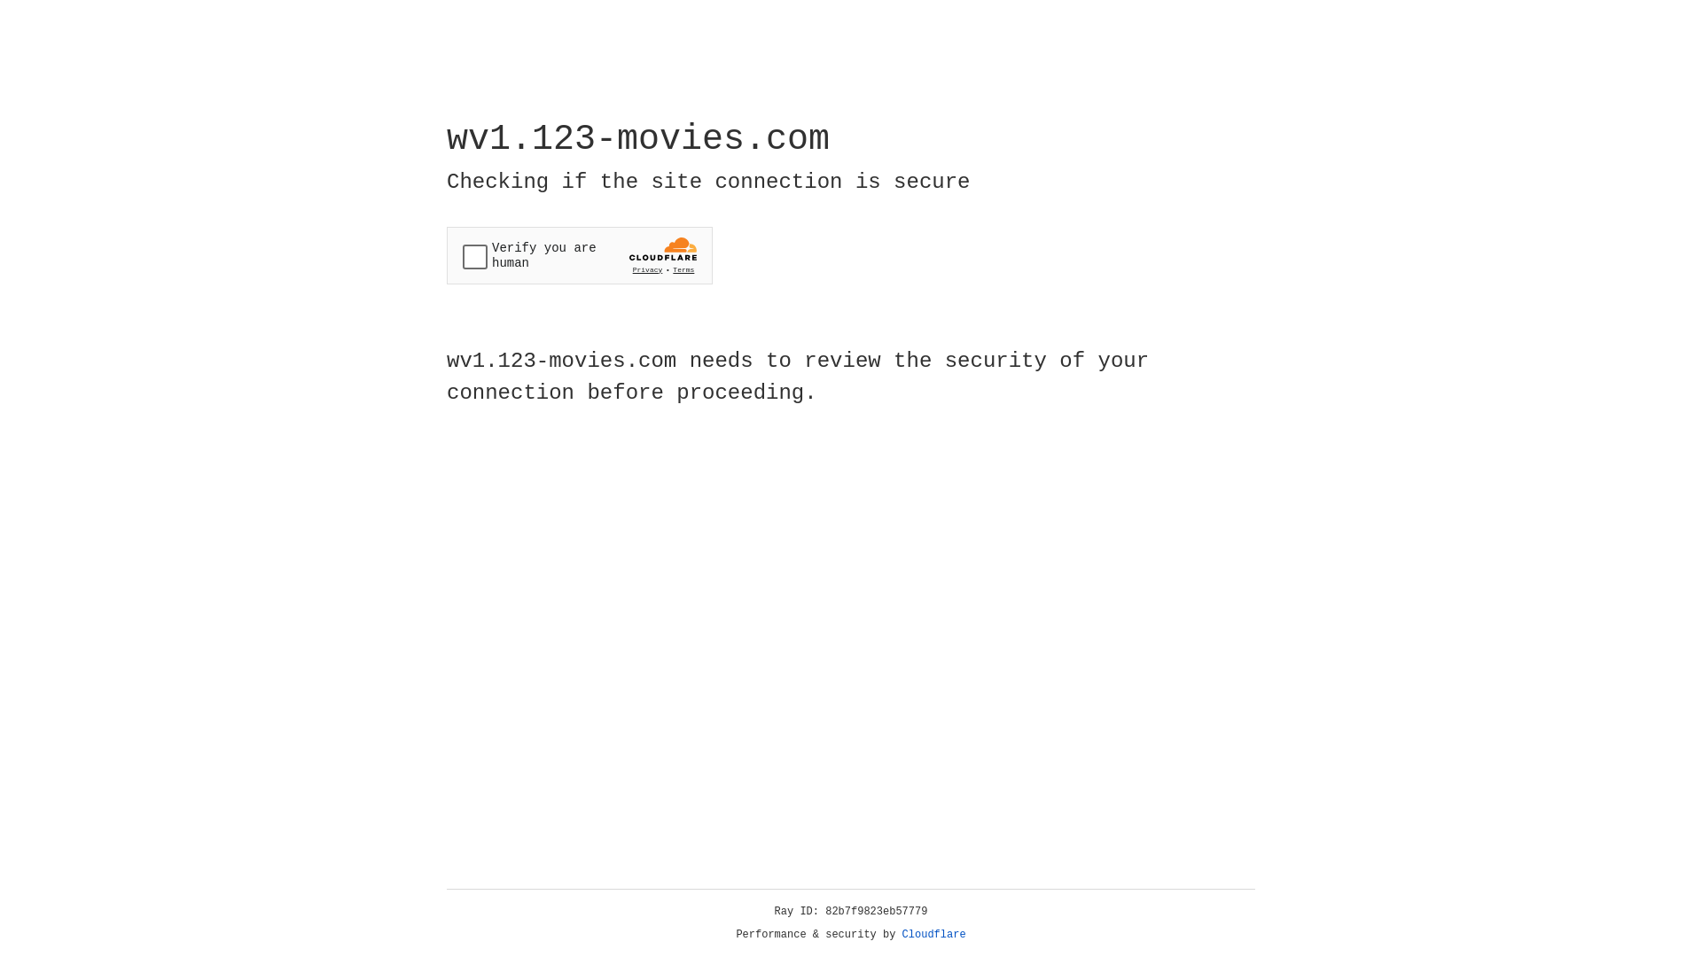 This screenshot has height=957, width=1702. What do you see at coordinates (933, 934) in the screenshot?
I see `'Cloudflare'` at bounding box center [933, 934].